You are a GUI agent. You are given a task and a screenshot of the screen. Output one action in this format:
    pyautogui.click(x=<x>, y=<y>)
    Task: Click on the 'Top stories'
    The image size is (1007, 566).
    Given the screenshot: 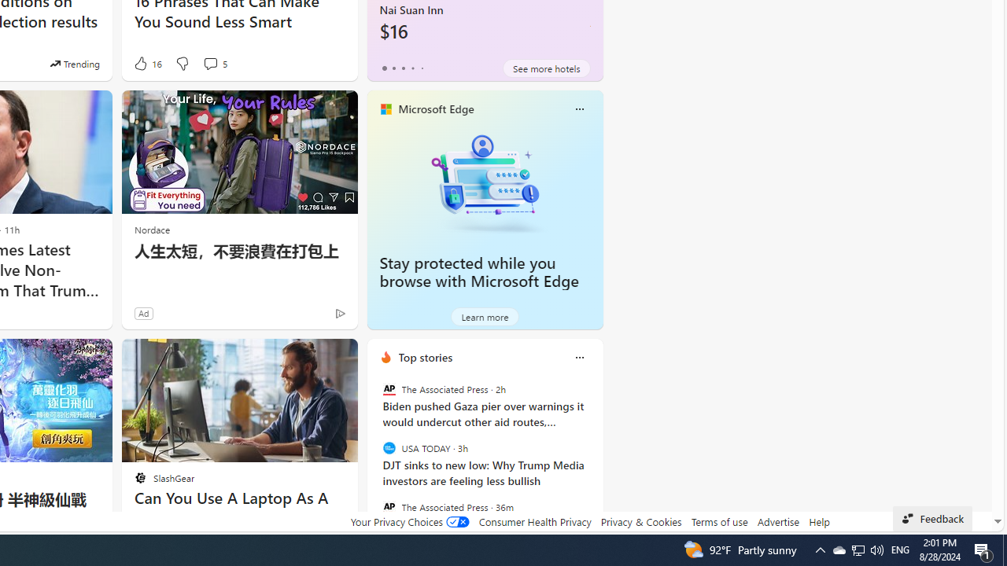 What is the action you would take?
    pyautogui.click(x=425, y=357)
    